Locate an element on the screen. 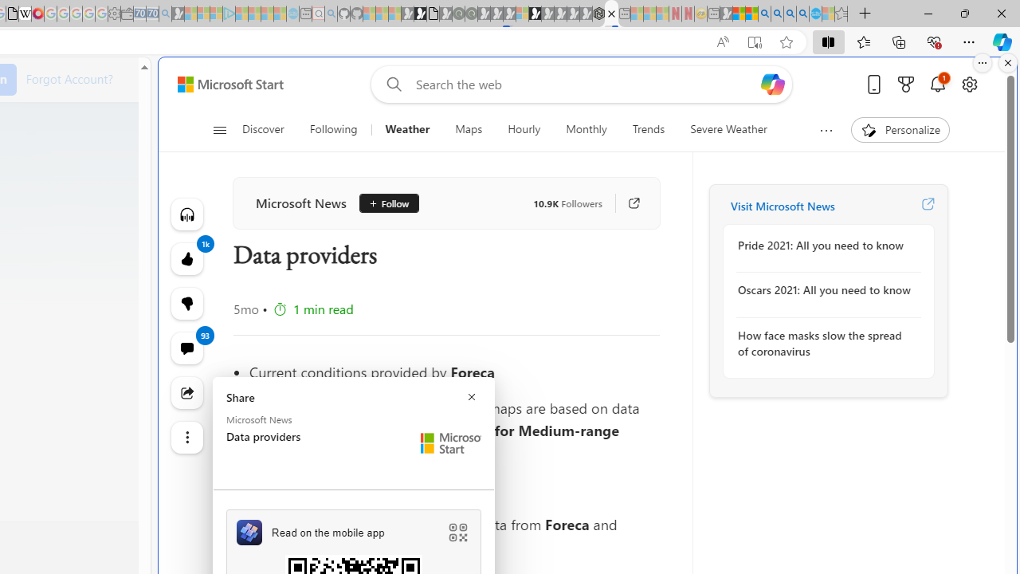  'View comments 93 Comment' is located at coordinates (186, 348).